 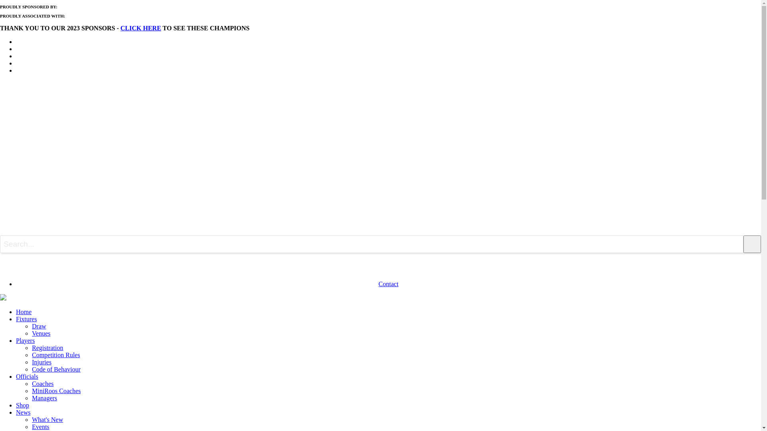 I want to click on 'News', so click(x=23, y=412).